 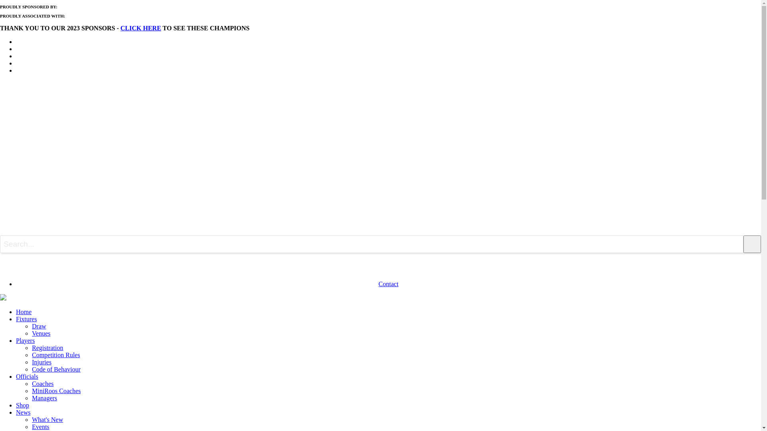 I want to click on 'News', so click(x=23, y=412).